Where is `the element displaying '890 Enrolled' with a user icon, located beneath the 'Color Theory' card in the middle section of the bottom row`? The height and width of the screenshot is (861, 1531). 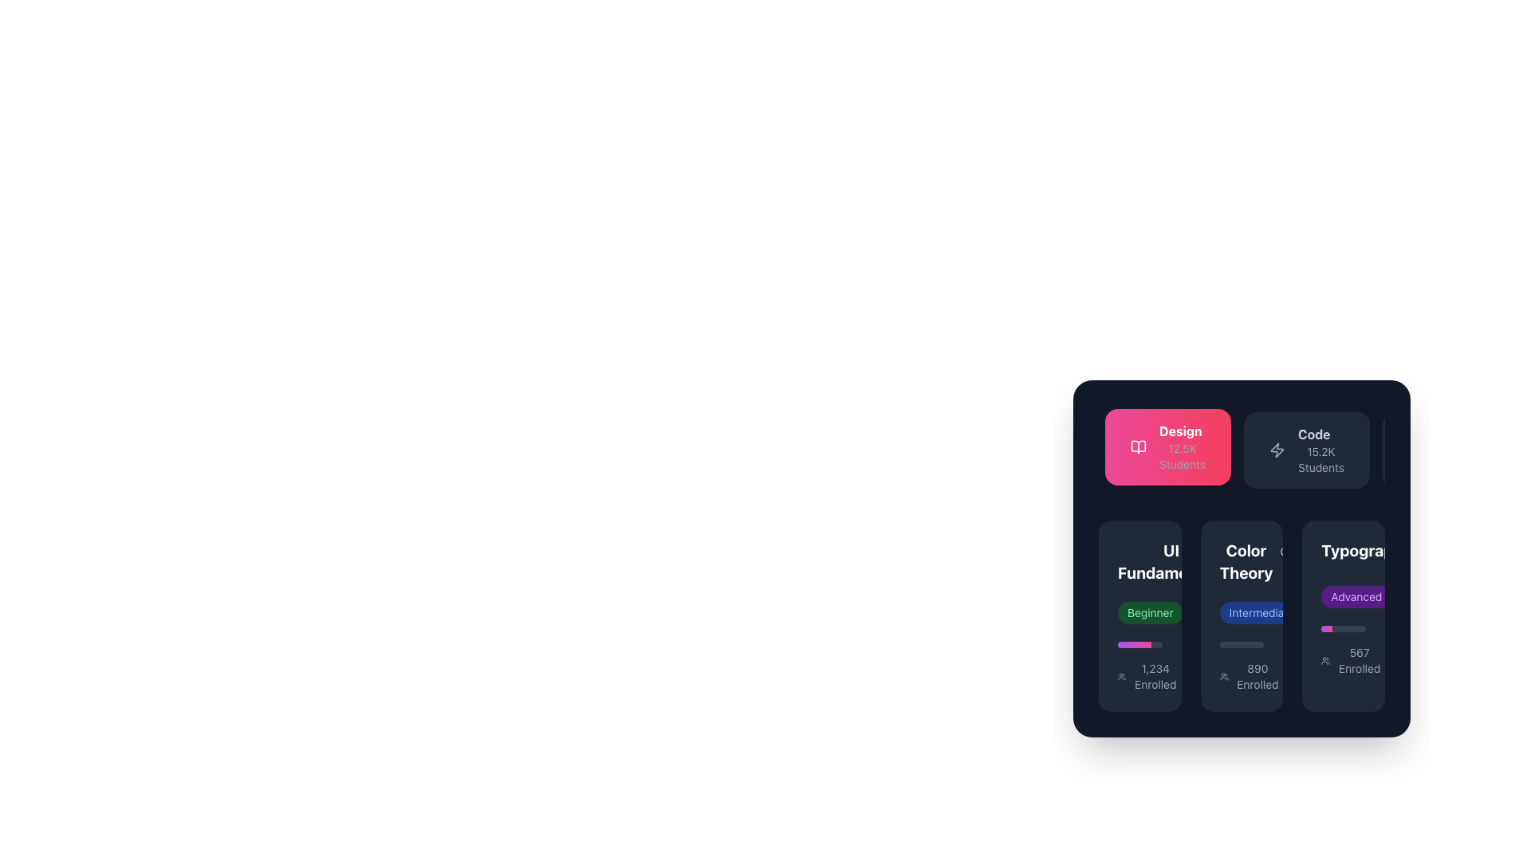 the element displaying '890 Enrolled' with a user icon, located beneath the 'Color Theory' card in the middle section of the bottom row is located at coordinates (1249, 676).